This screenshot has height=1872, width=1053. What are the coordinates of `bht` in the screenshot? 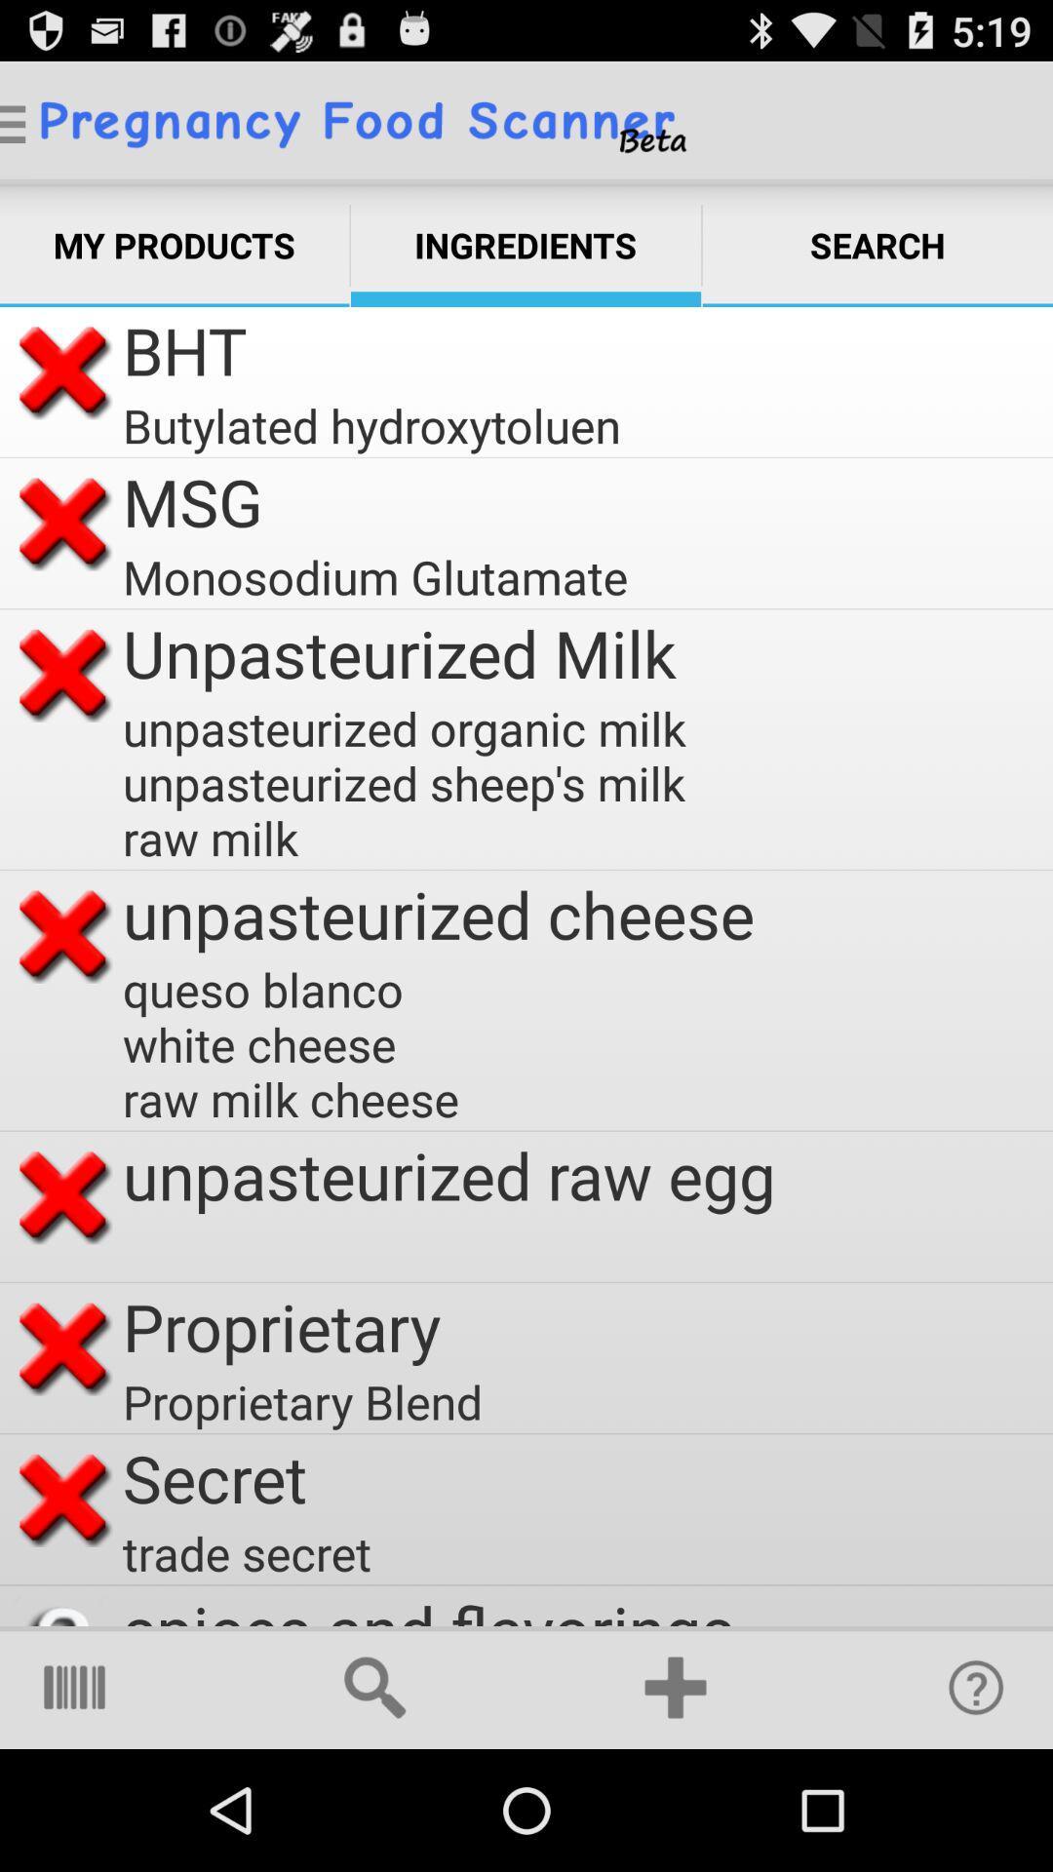 It's located at (184, 350).